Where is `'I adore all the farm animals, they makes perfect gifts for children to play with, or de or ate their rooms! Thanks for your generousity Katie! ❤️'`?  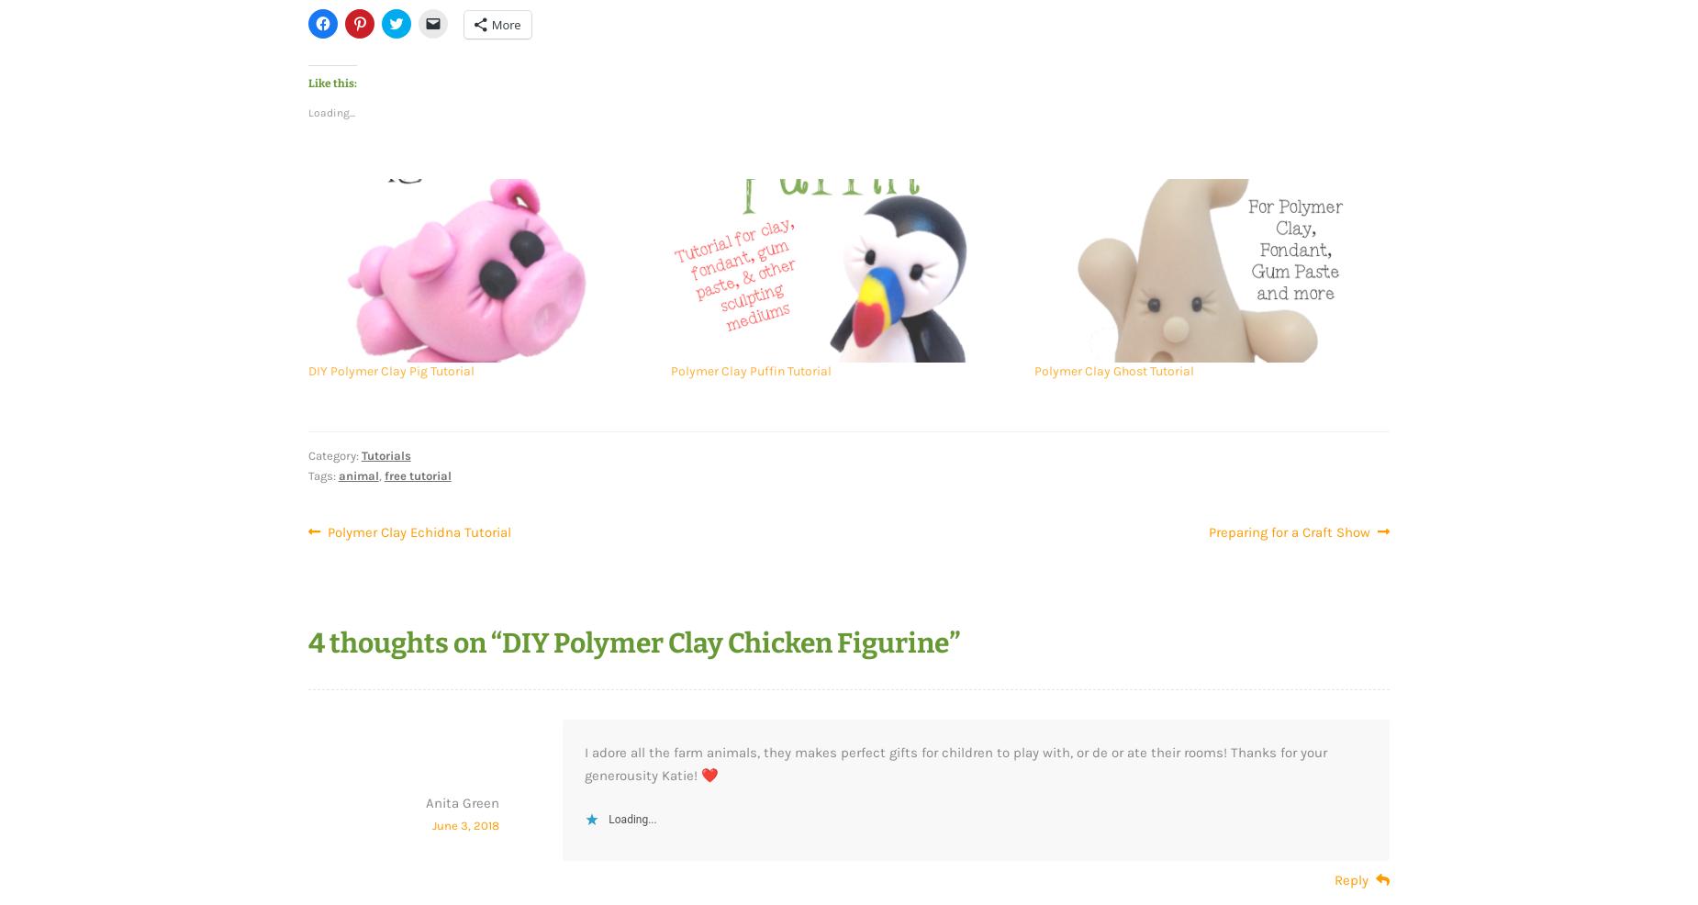
'I adore all the farm animals, they makes perfect gifts for children to play with, or de or ate their rooms! Thanks for your generousity Katie! ❤️' is located at coordinates (955, 762).